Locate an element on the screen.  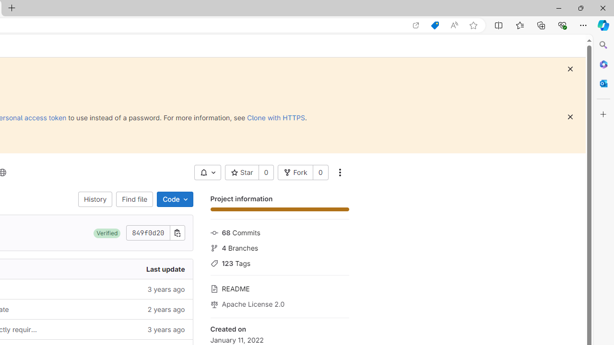
'Fork' is located at coordinates (295, 172).